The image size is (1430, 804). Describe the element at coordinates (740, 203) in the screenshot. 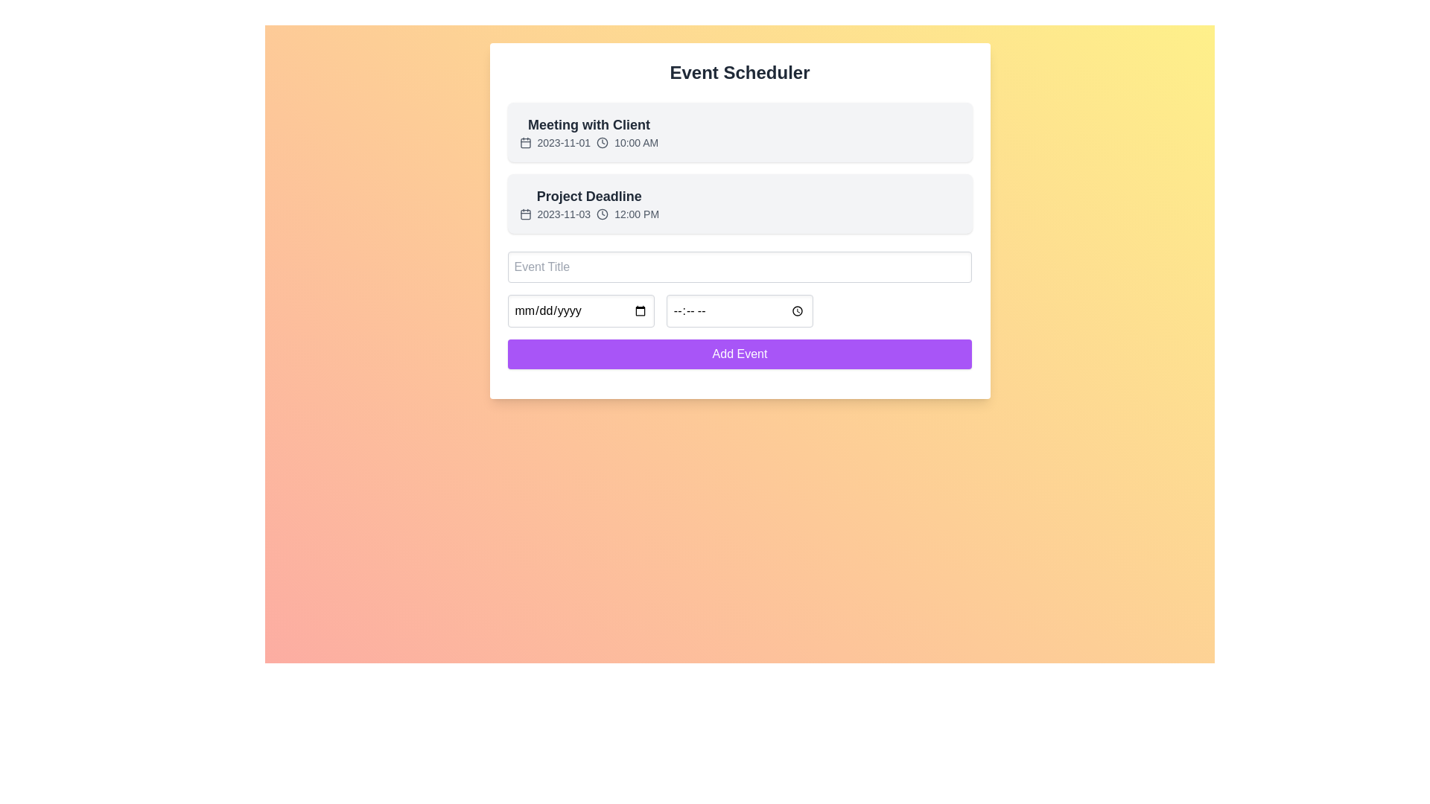

I see `the display card titled 'Project Deadline' which presents scheduling details, located below 'Meeting with Client' in the 'Event Scheduler' card` at that location.